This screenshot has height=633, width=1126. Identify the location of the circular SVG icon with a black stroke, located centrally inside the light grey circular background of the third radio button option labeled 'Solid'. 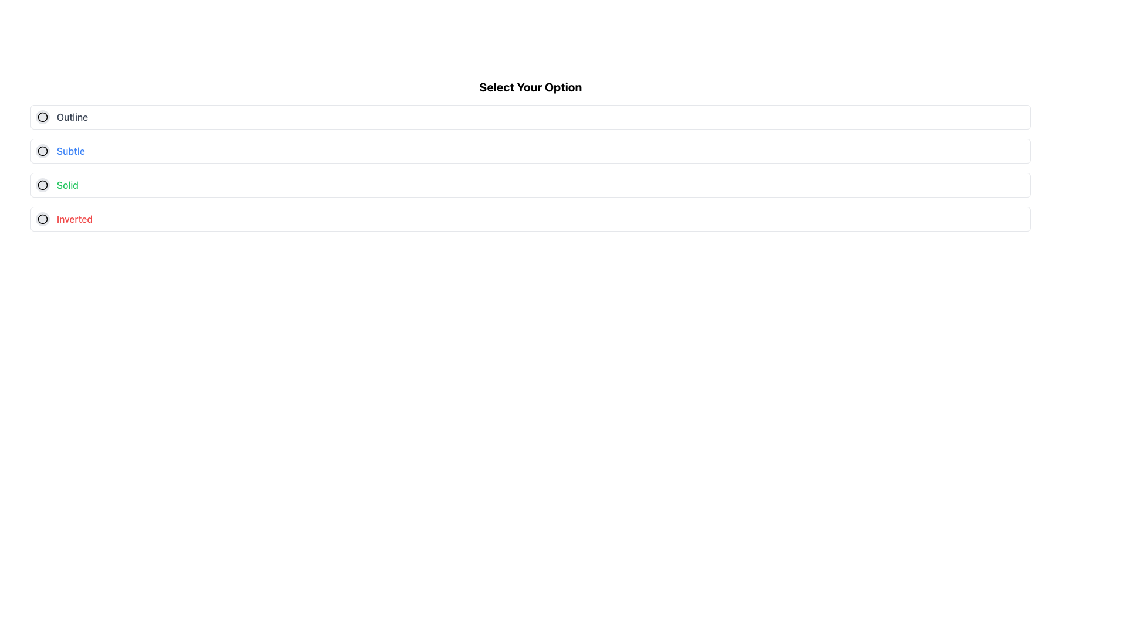
(42, 185).